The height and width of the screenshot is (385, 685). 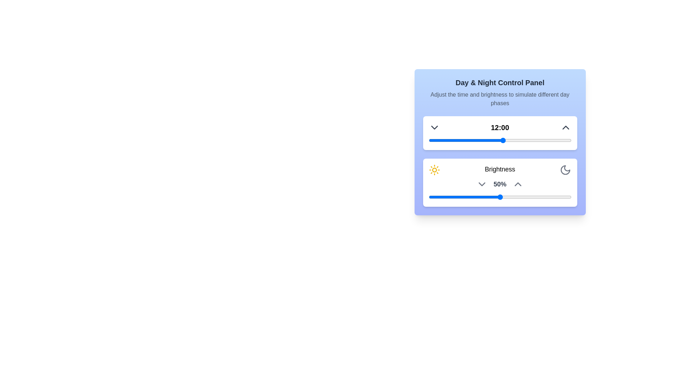 I want to click on the night mode toggle icon located on the far right side of the 'Brightness' section, so click(x=565, y=170).